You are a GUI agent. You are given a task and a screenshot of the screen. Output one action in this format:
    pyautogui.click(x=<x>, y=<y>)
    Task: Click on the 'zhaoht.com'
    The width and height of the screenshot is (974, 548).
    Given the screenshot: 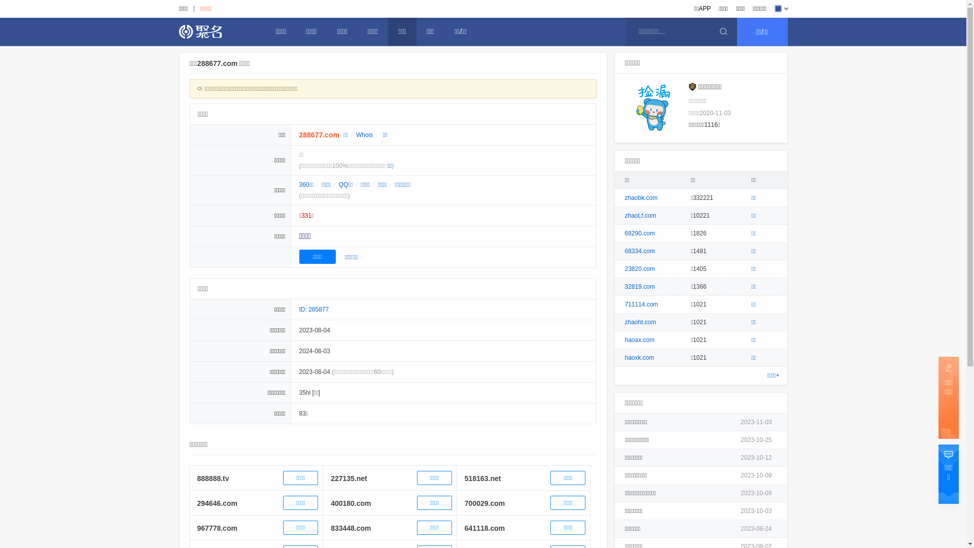 What is the action you would take?
    pyautogui.click(x=640, y=322)
    